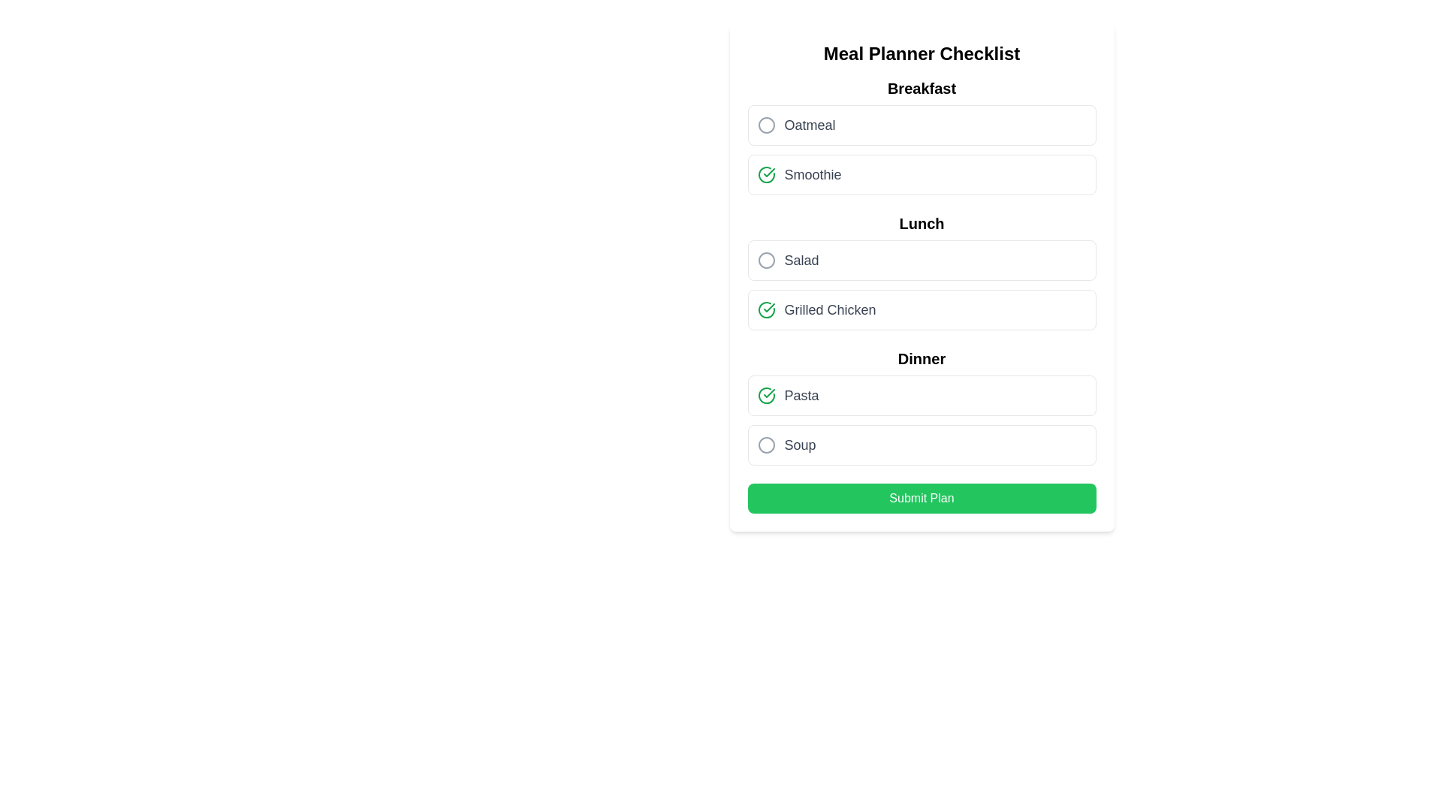  What do you see at coordinates (766, 445) in the screenshot?
I see `the circular icon indicator in the Dinner section of the Meal Planner Checklist` at bounding box center [766, 445].